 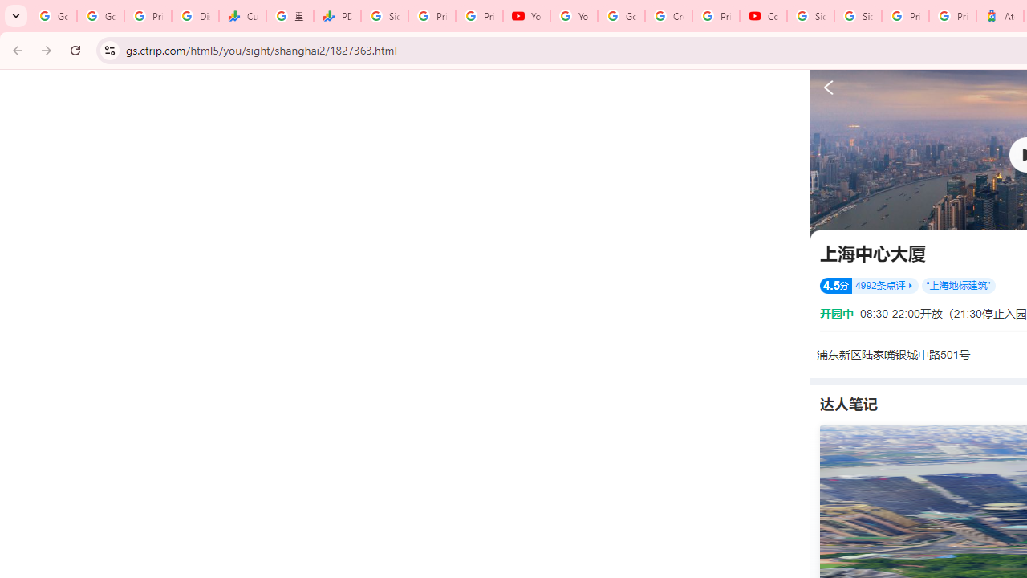 I want to click on 'PDD Holdings Inc - ADR (PDD) Price & News - Google Finance', so click(x=336, y=16).